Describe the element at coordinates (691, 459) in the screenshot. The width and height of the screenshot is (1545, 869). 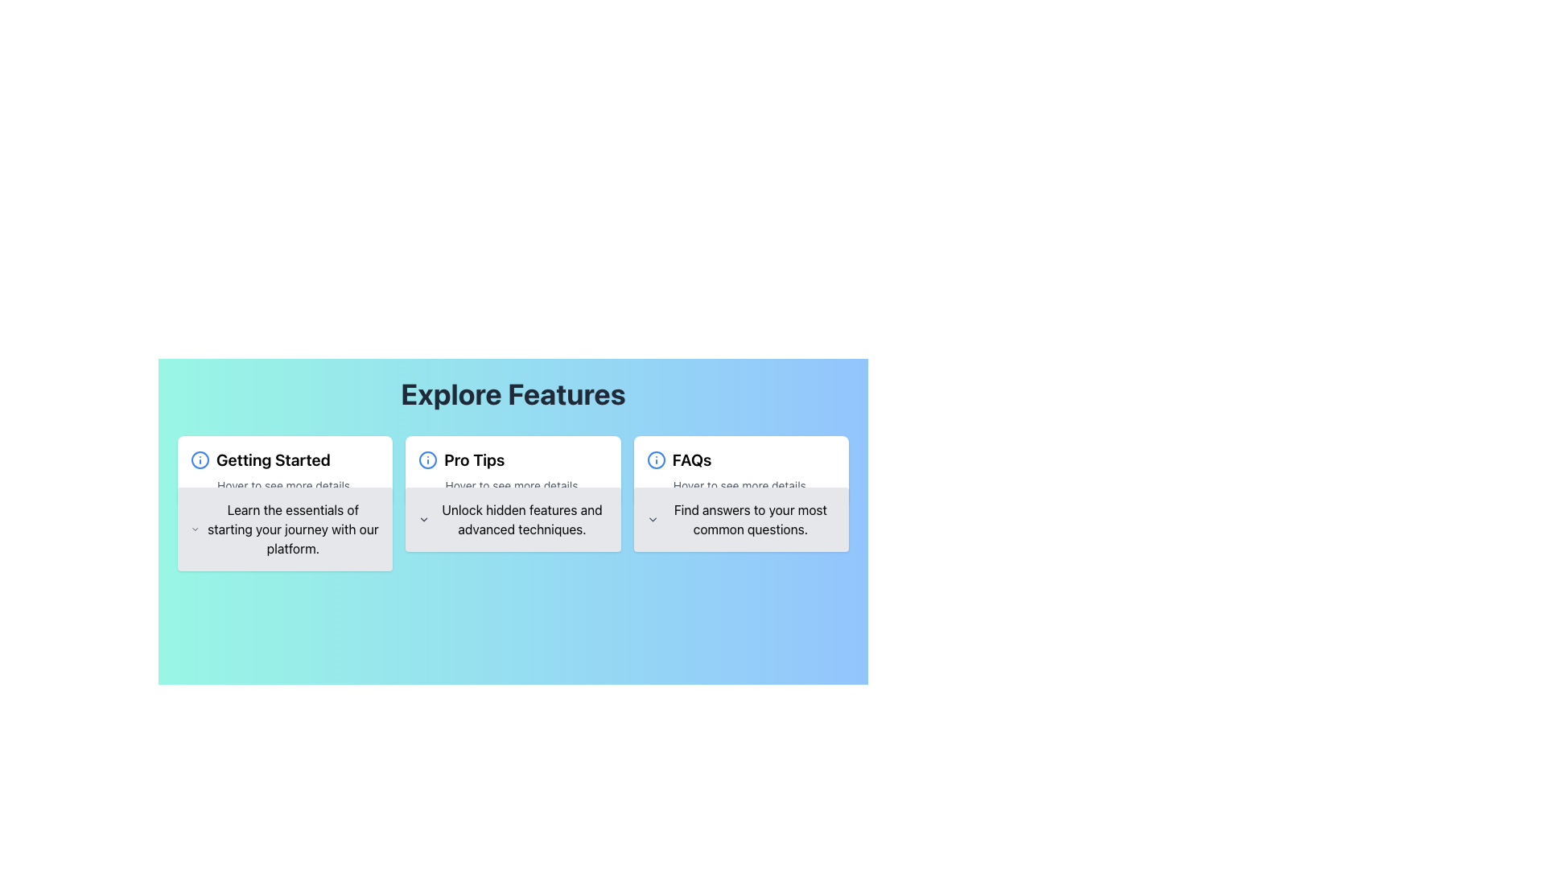
I see `the title text element indicating 'Frequently Asked Questions' located in the top right card beneath the header 'Explore Features'` at that location.